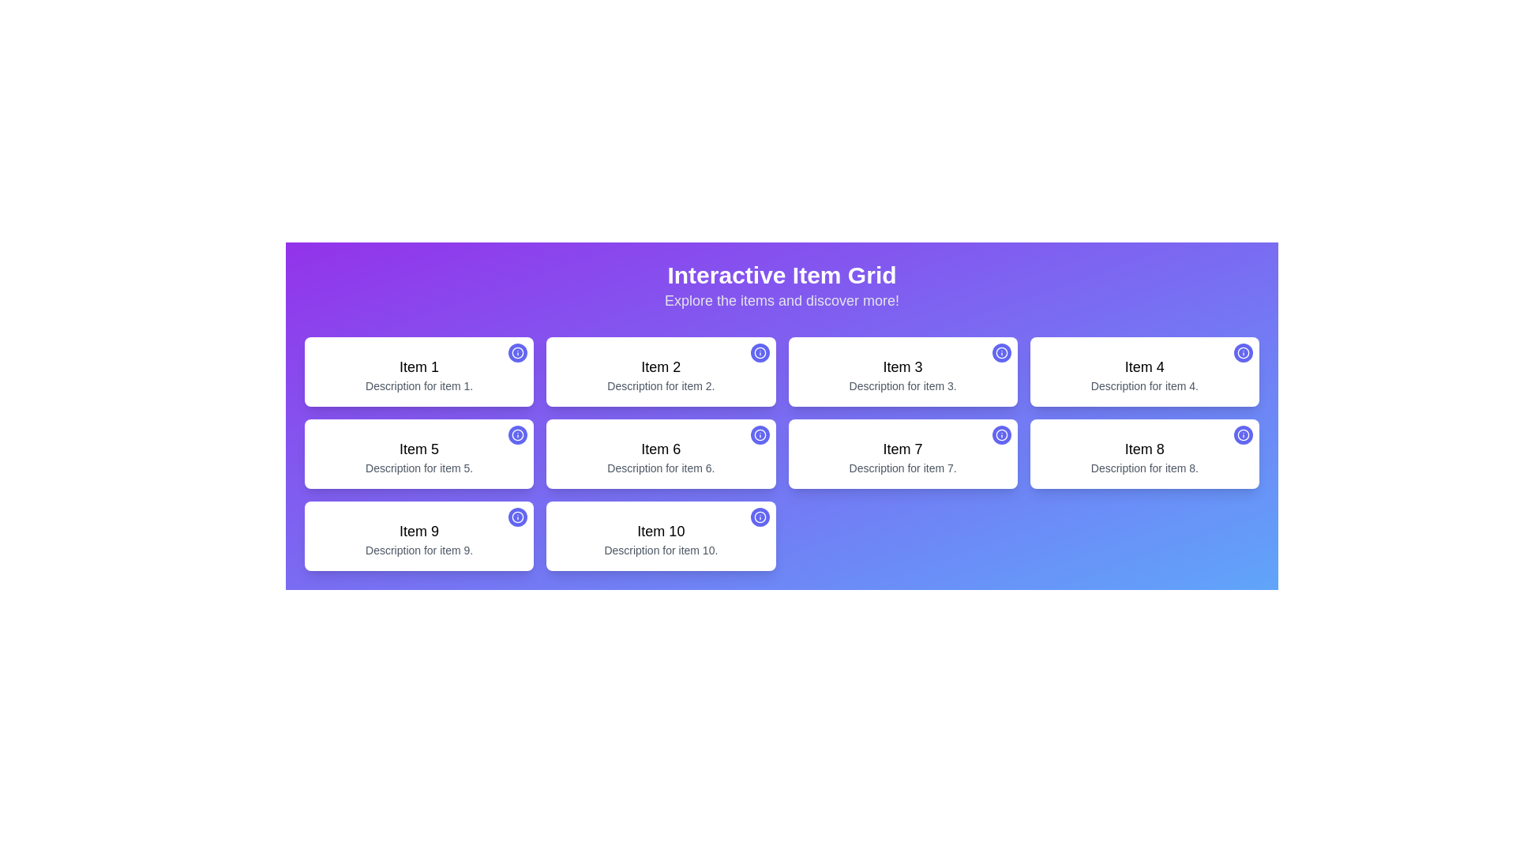 The width and height of the screenshot is (1516, 853). I want to click on the non-interactive Text label that provides supplementary descriptive information for 'Item 2', located directly beneath the label in the second item of the top row of a grid layout, so click(661, 386).